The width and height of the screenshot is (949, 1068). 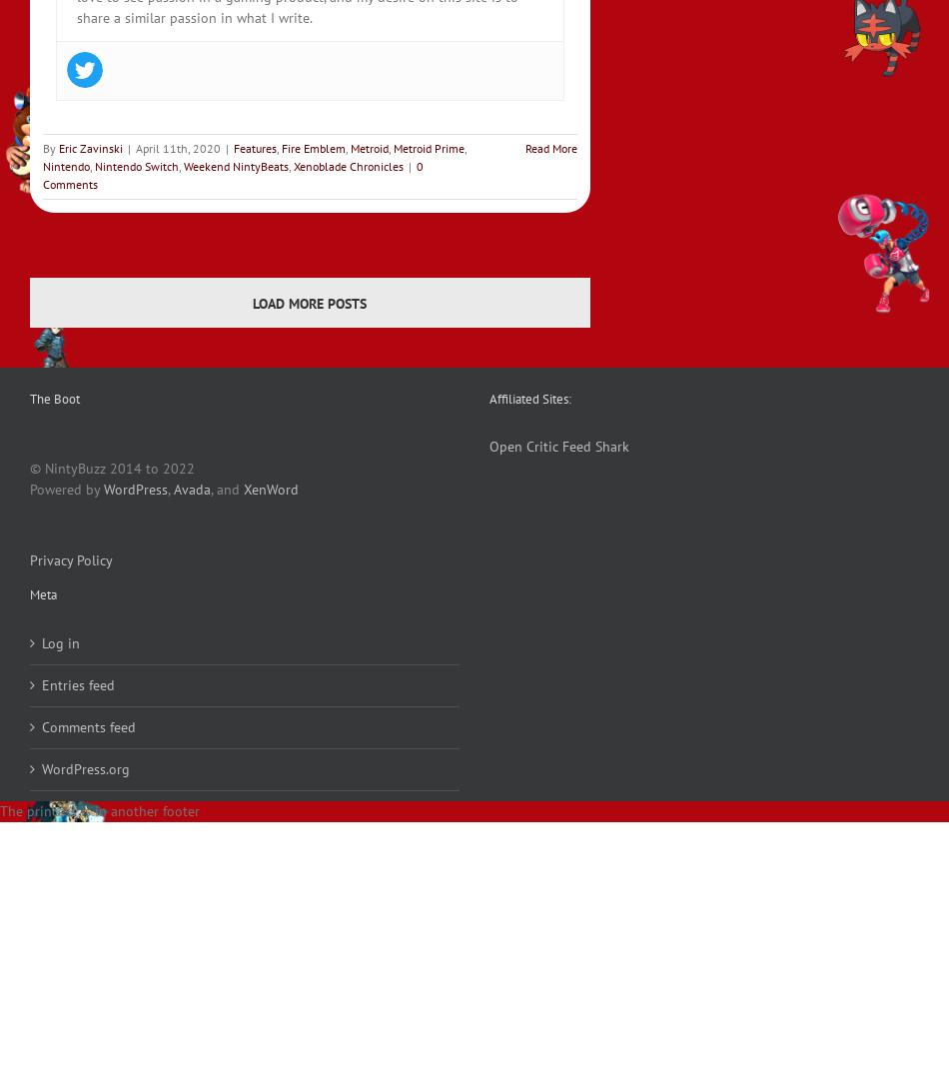 I want to click on 'WordPress', so click(x=136, y=489).